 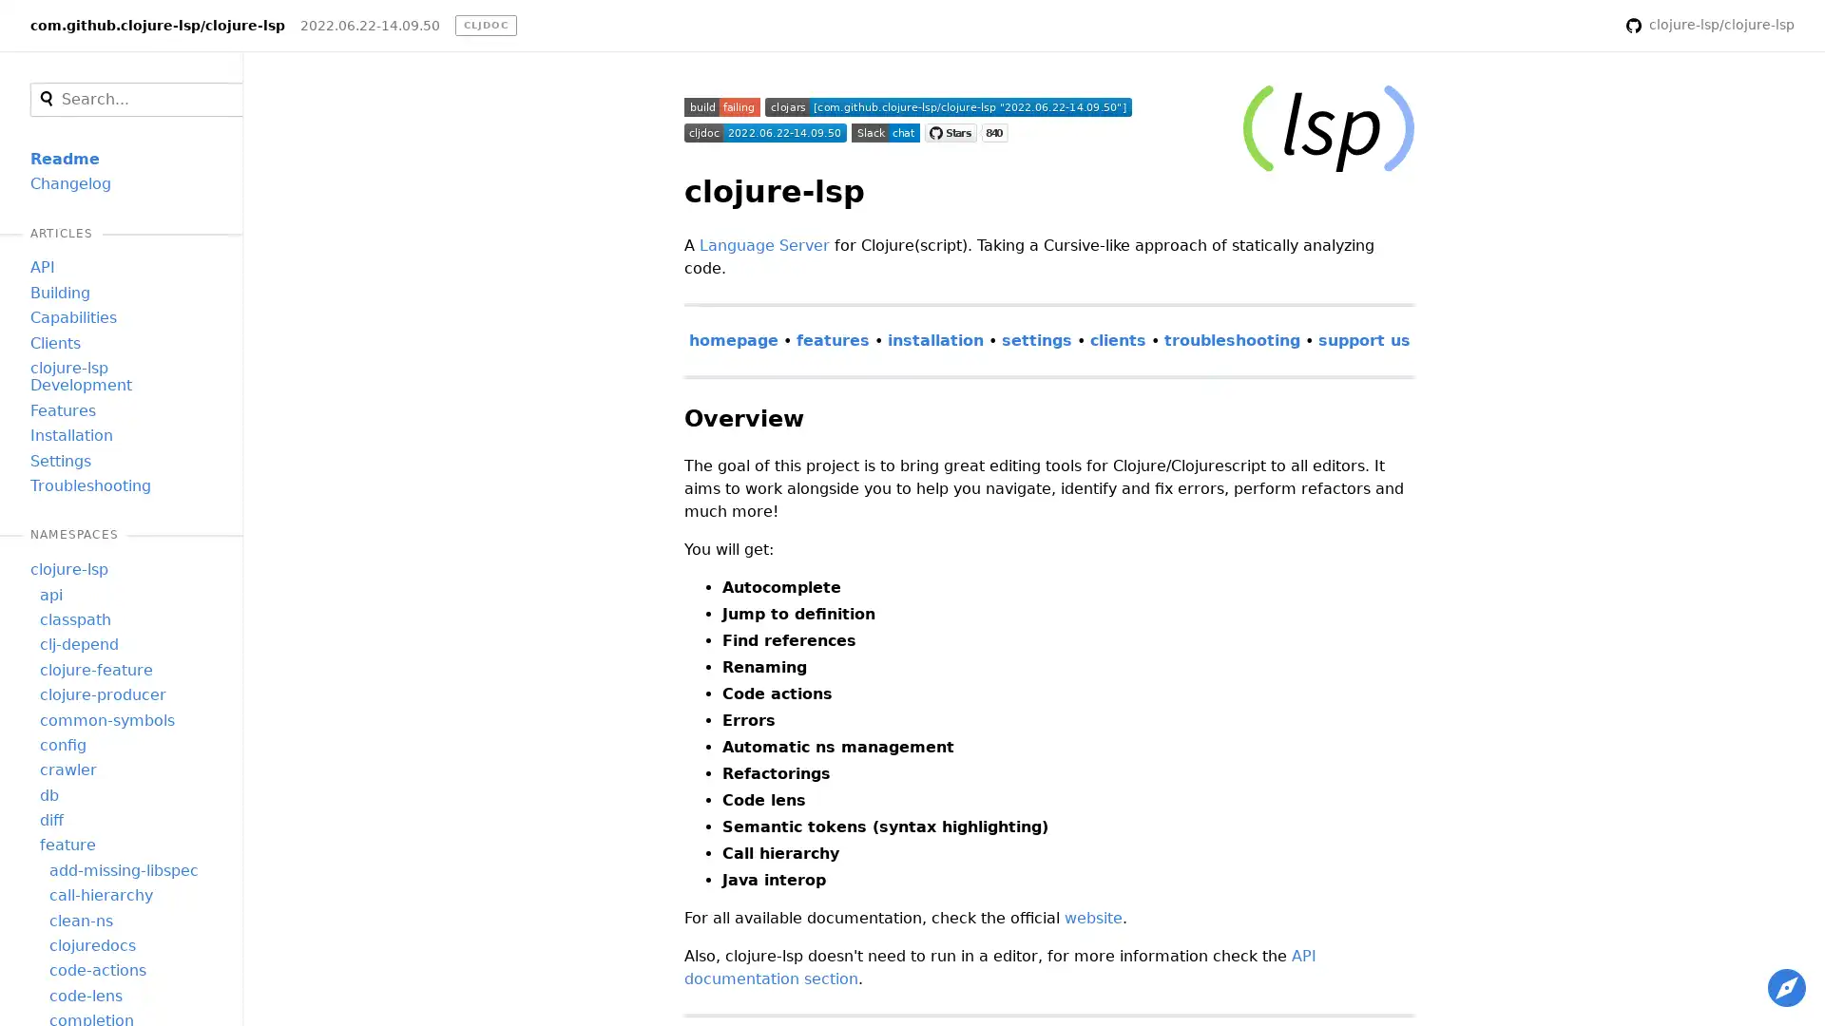 What do you see at coordinates (1585, 26) in the screenshot?
I see `rebuild` at bounding box center [1585, 26].